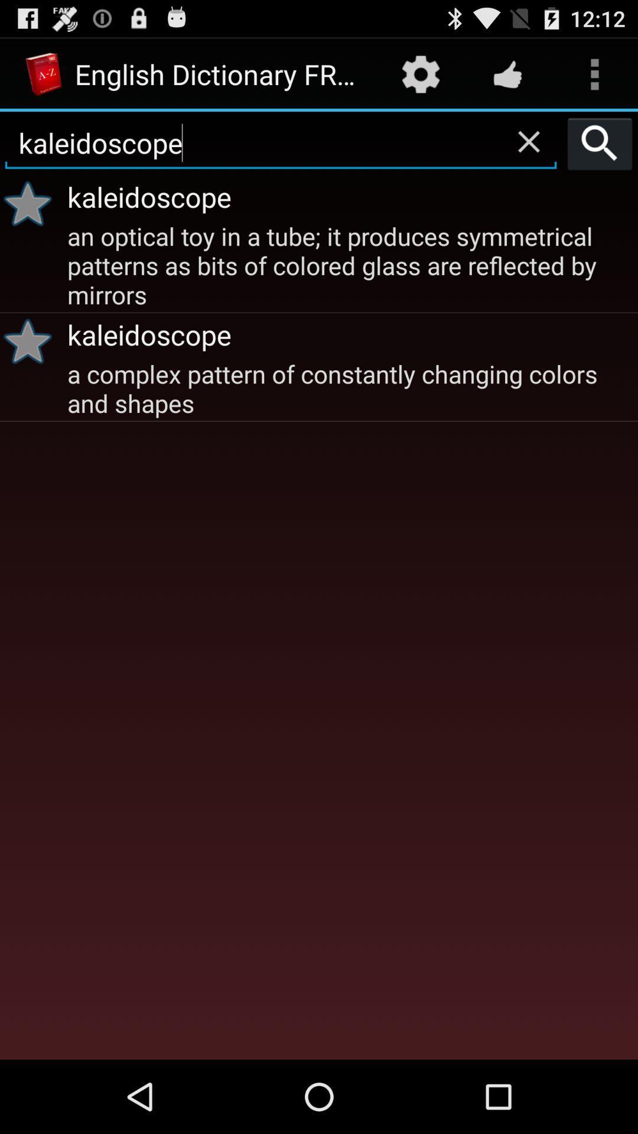  I want to click on item to the right of english dictionary free icon, so click(420, 73).